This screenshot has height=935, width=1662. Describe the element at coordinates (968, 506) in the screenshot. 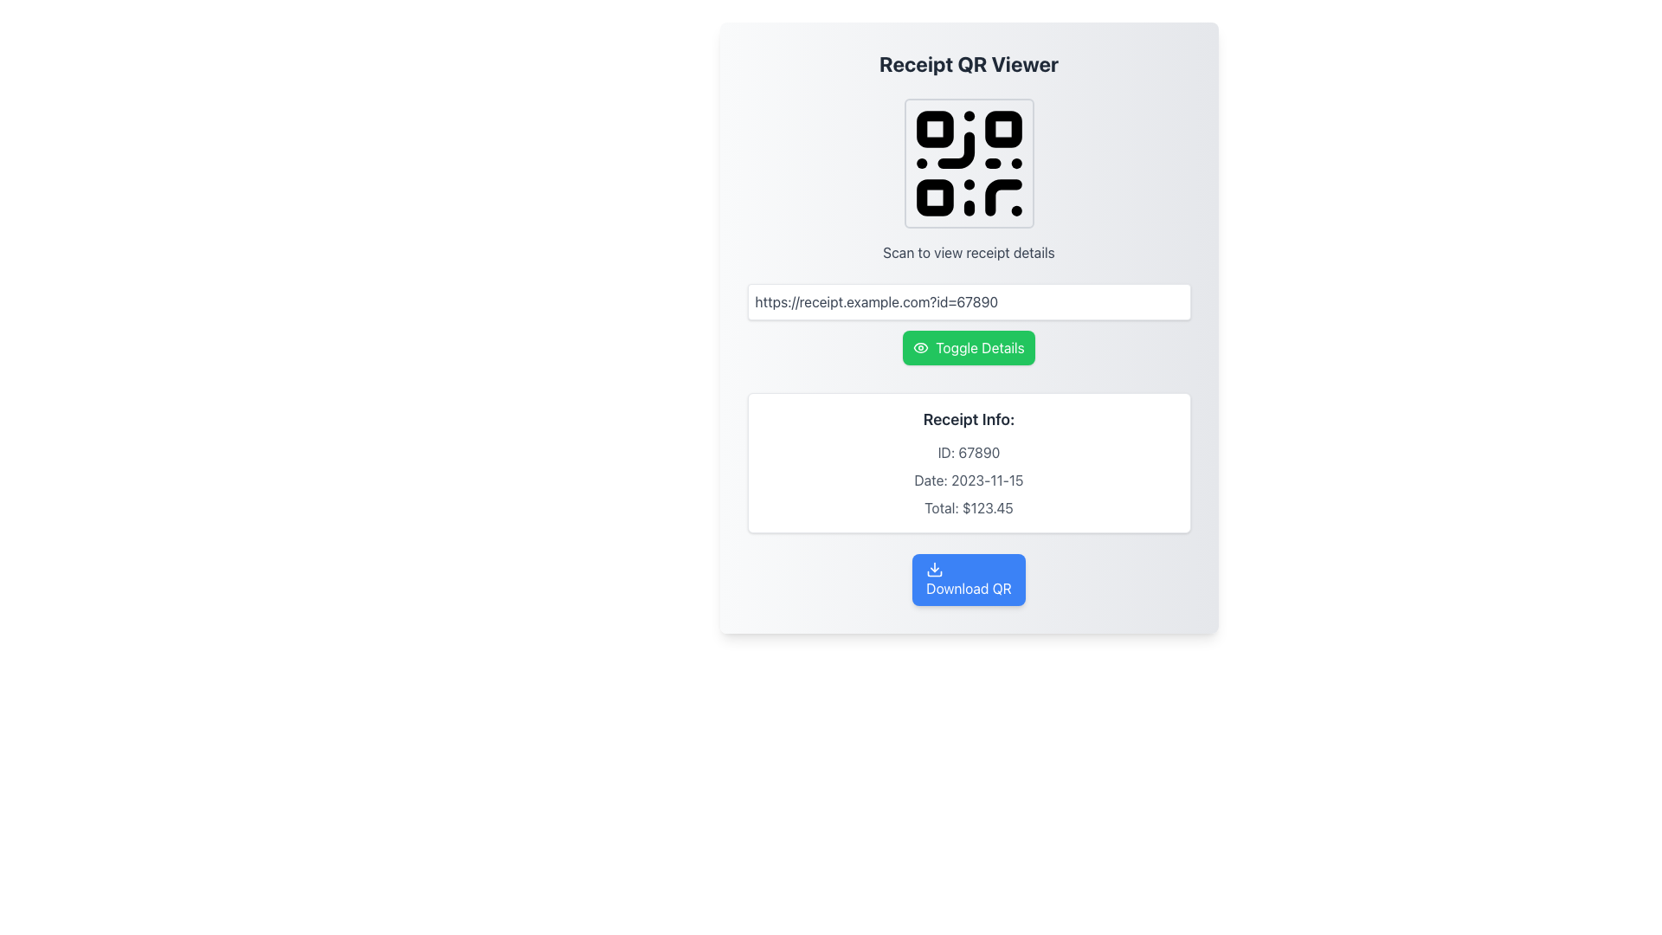

I see `the static text displaying the total amount of the receipt, located centrally below the date information in the receipt section` at that location.